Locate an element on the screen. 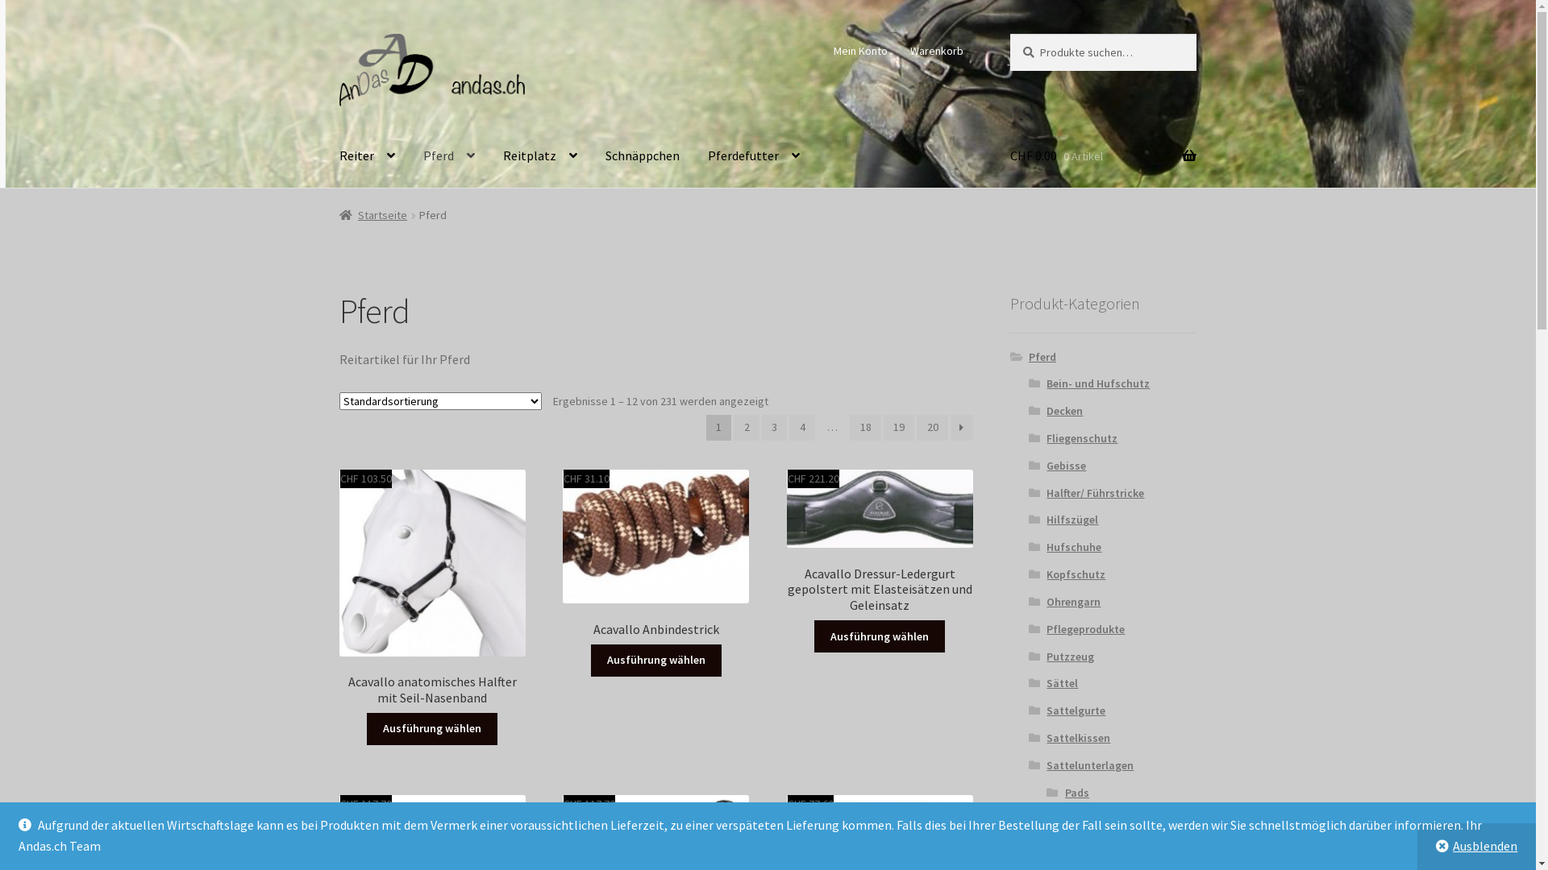 The width and height of the screenshot is (1548, 870). '2' is located at coordinates (746, 427).